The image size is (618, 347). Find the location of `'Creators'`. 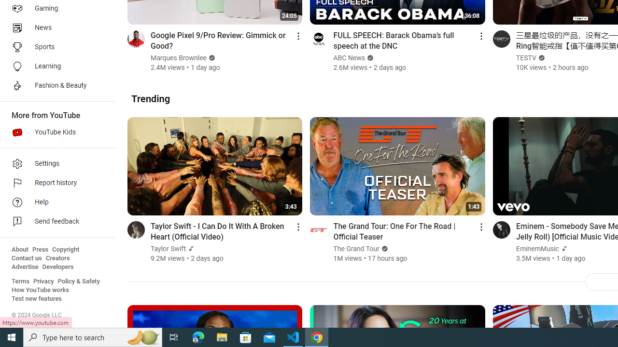

'Creators' is located at coordinates (57, 258).